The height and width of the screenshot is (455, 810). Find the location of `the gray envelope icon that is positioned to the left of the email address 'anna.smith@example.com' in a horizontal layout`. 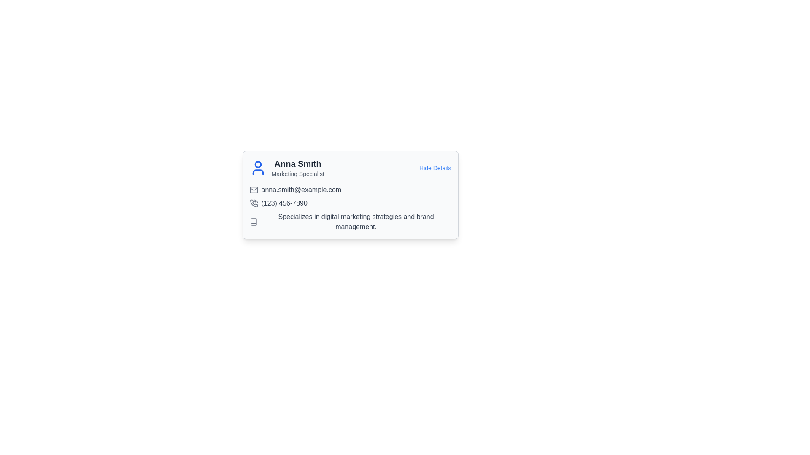

the gray envelope icon that is positioned to the left of the email address 'anna.smith@example.com' in a horizontal layout is located at coordinates (253, 190).